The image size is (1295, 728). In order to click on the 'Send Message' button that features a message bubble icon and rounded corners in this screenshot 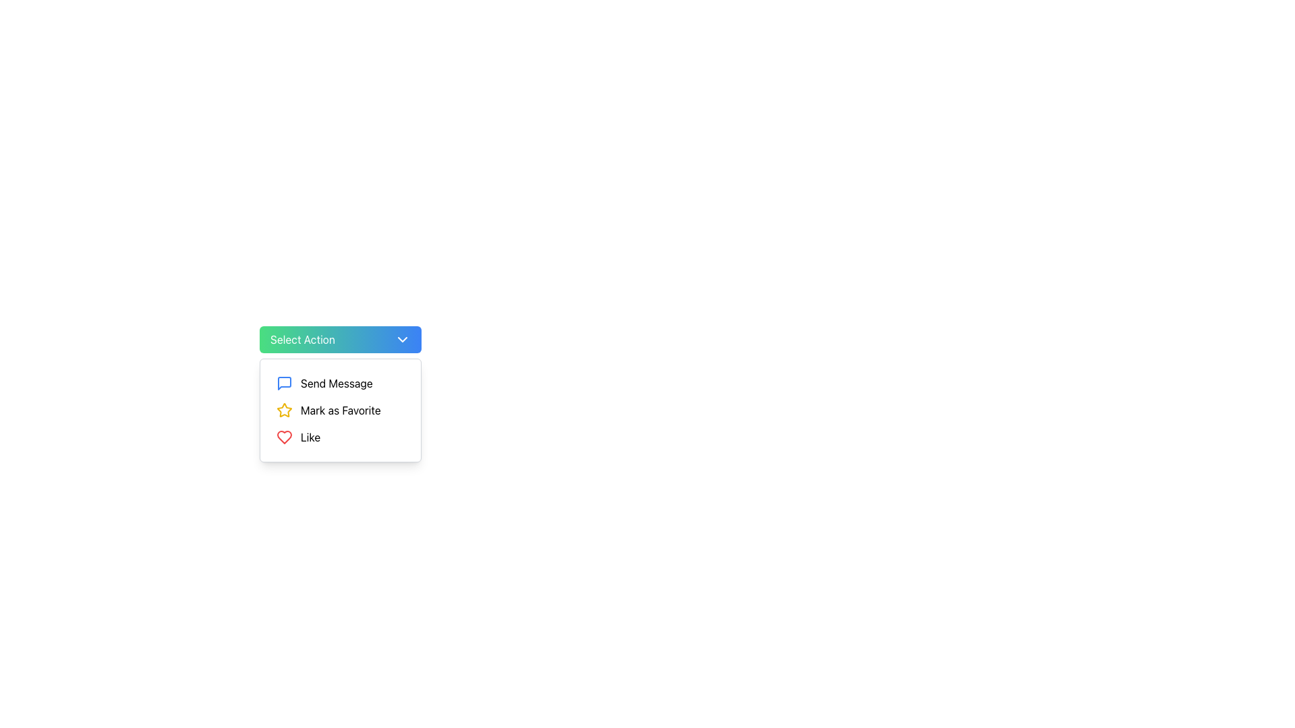, I will do `click(340, 384)`.